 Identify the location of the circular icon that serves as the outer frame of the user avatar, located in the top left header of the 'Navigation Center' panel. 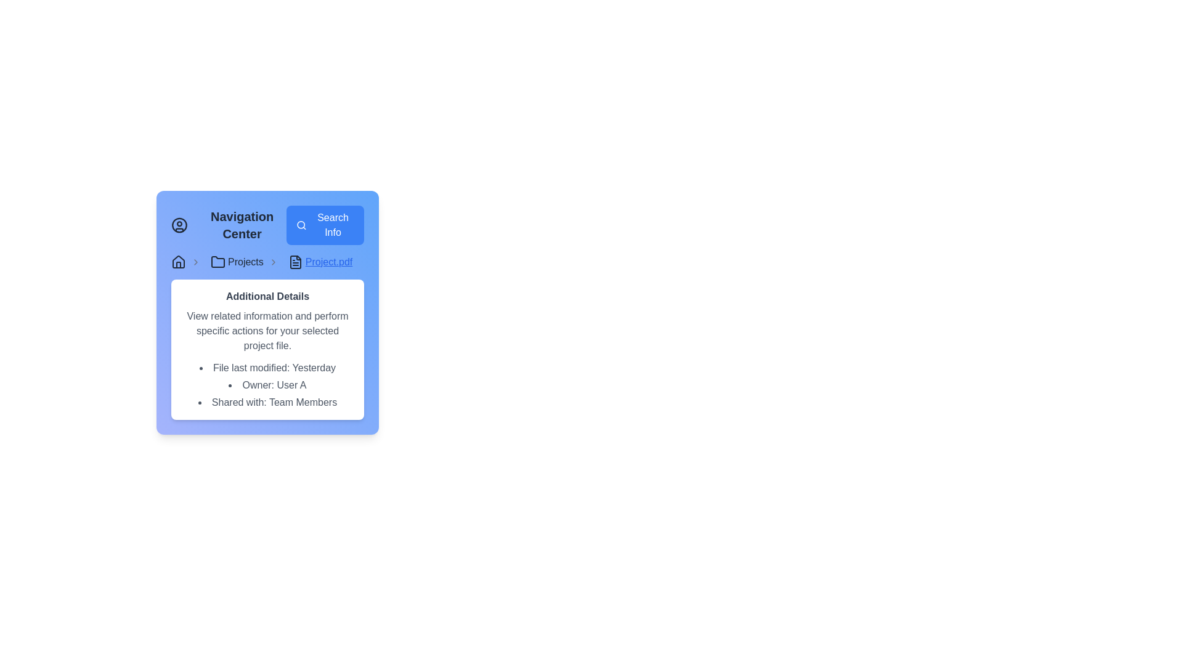
(179, 225).